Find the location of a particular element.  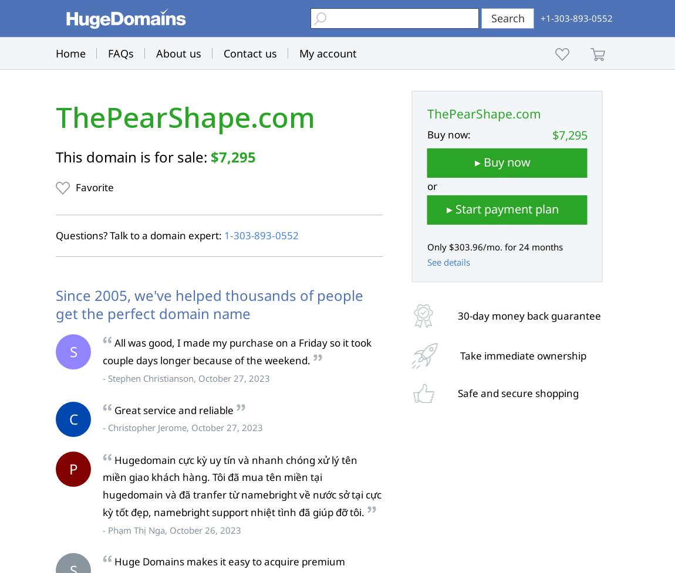

'About us' is located at coordinates (178, 53).